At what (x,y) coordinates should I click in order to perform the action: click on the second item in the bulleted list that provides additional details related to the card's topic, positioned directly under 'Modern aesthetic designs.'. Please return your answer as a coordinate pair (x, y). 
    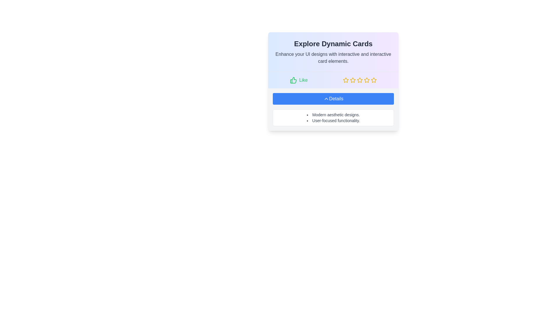
    Looking at the image, I should click on (333, 120).